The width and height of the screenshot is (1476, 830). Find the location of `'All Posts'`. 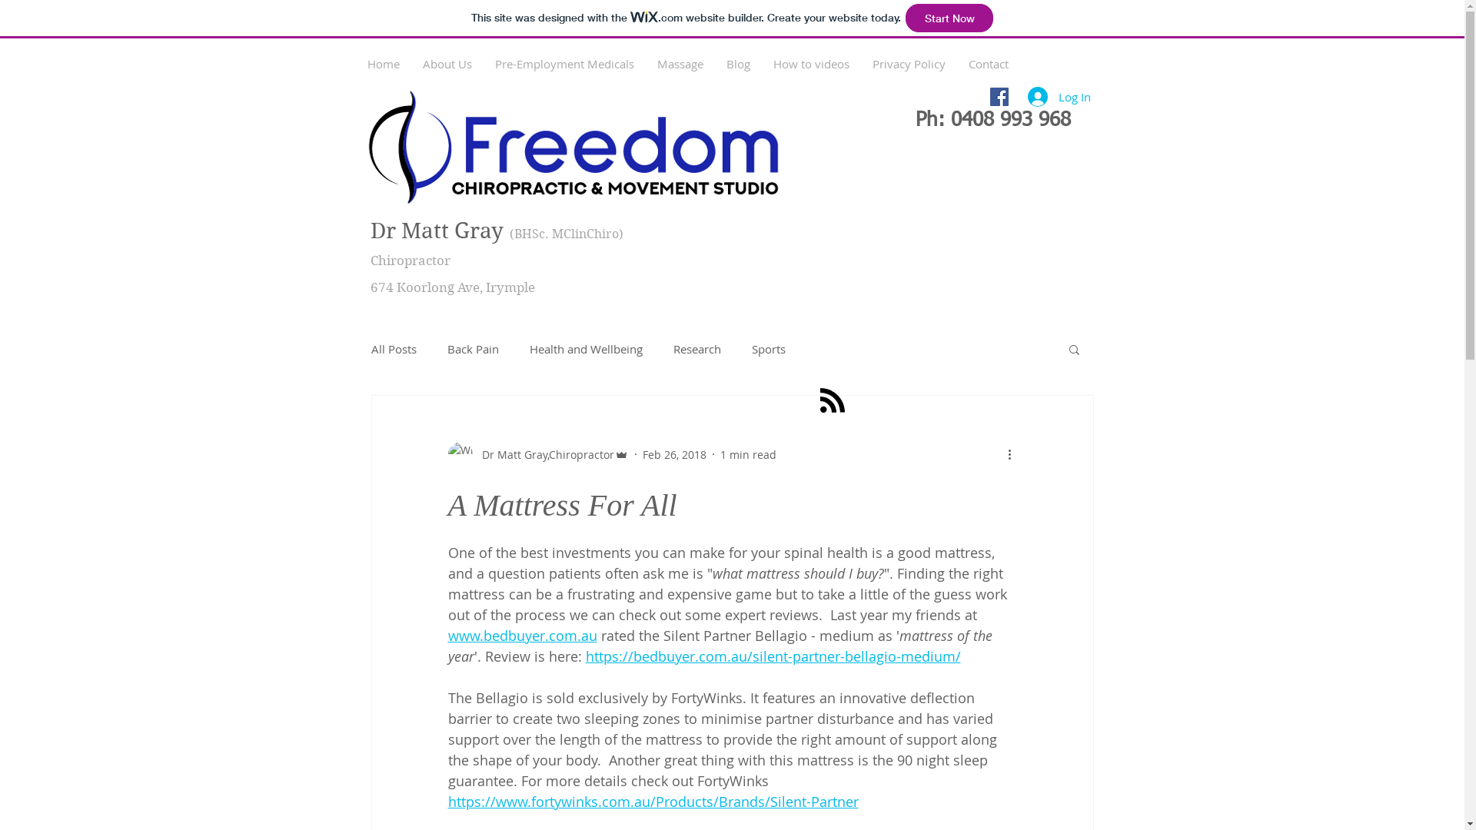

'All Posts' is located at coordinates (370, 349).